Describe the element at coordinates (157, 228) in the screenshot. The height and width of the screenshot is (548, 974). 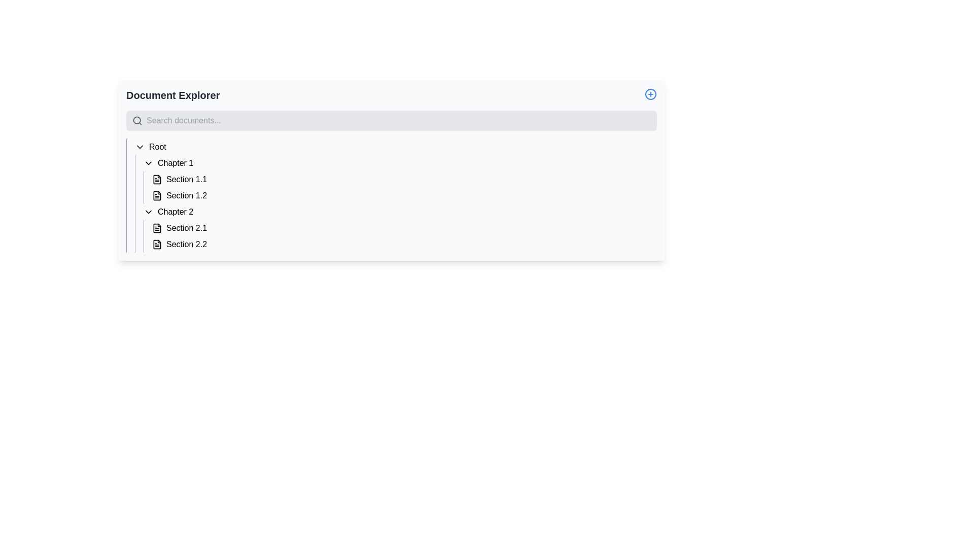
I see `the icon indicating the section type for 'Section 2.1', which is located before the text 'Section 2.1'` at that location.